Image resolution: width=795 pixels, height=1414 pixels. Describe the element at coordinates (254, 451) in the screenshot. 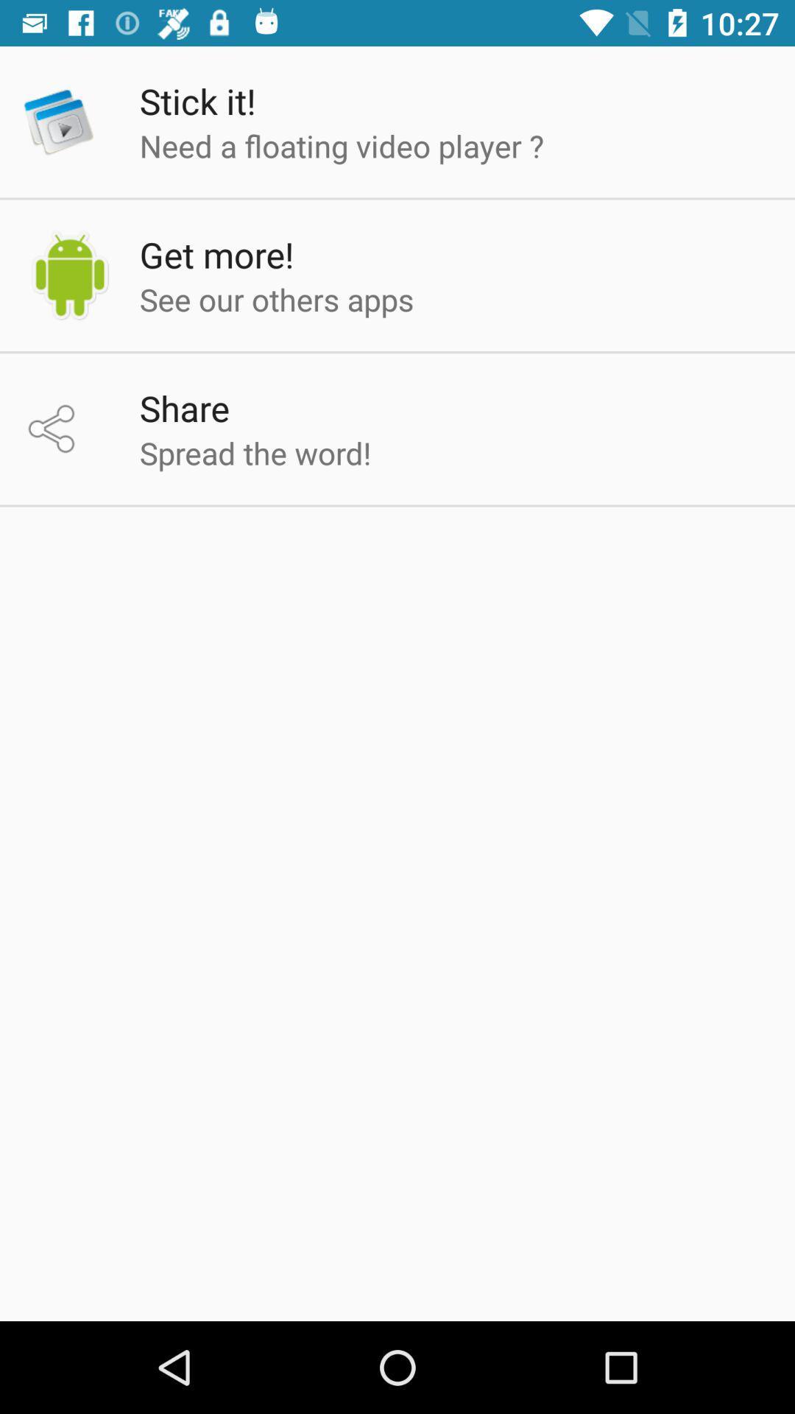

I see `spread the word!` at that location.